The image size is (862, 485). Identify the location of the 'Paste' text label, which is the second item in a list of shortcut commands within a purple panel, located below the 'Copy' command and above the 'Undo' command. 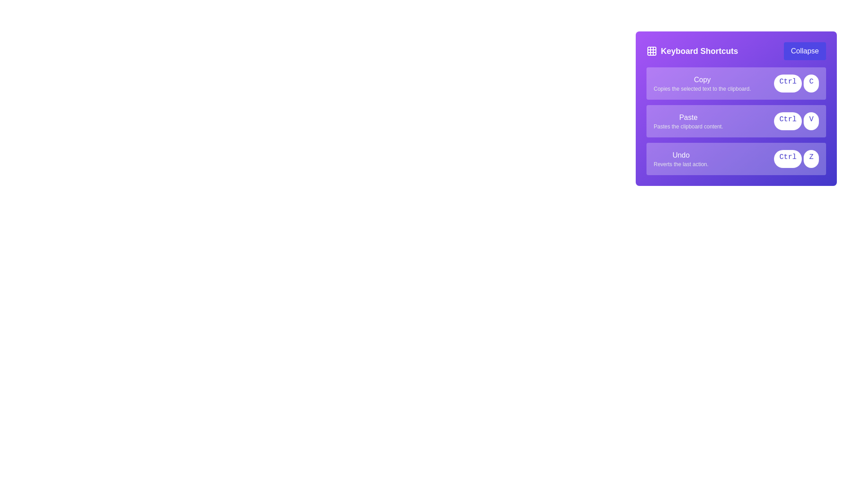
(688, 121).